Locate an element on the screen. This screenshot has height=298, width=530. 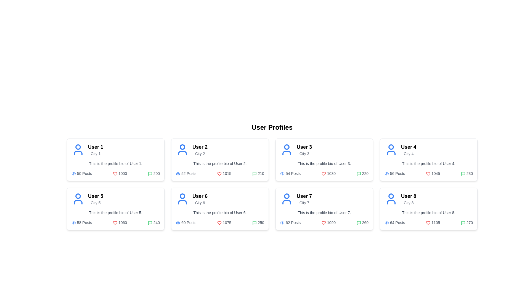
the green speech bubble icon located at the bottom-right side of User 6's profile card is located at coordinates (150, 223).